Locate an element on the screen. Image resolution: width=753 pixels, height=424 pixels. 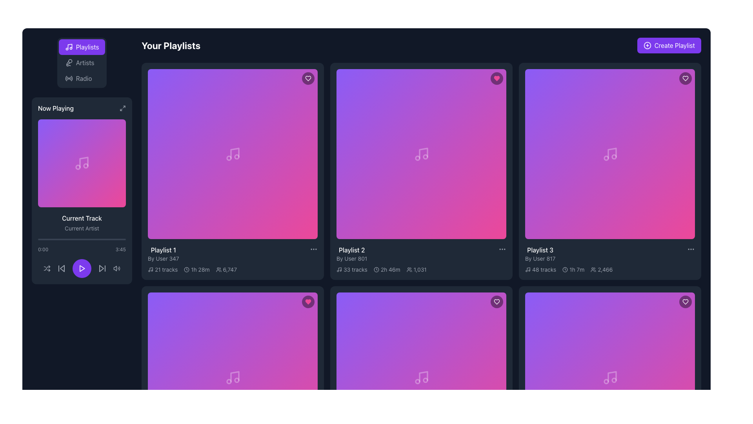
the second circle component of the musical note icon located in the second playlist card of the second row is located at coordinates (417, 381).